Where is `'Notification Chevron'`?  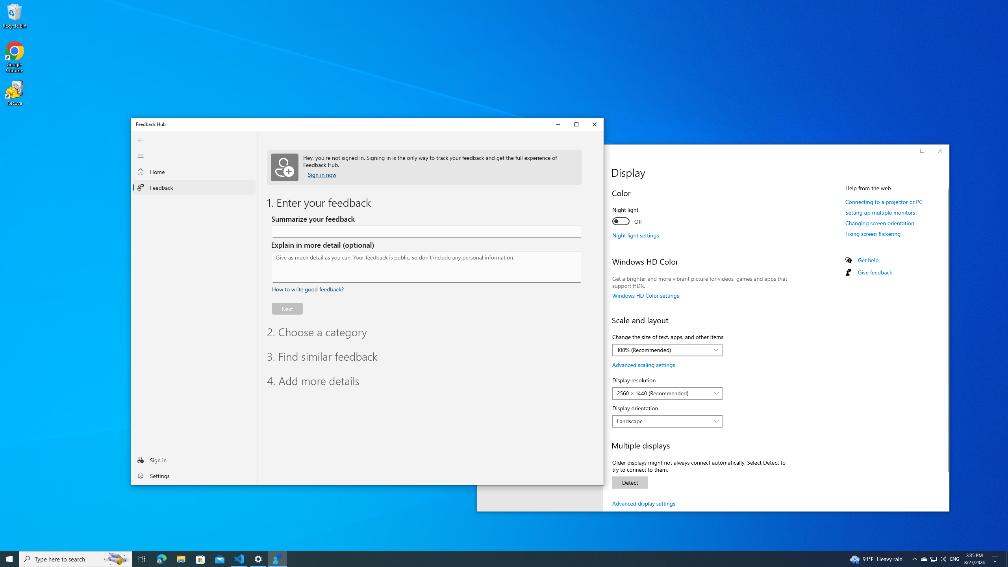
'Notification Chevron' is located at coordinates (915, 558).